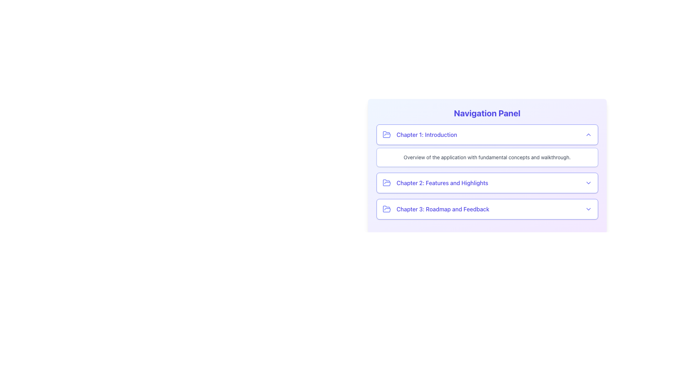 This screenshot has width=682, height=383. I want to click on the open folder icon, which is styled with a rounded outline and indigo-blue stroke, located next to the label 'Chapter 2: Features and Highlights' in the navigation interface, so click(386, 183).